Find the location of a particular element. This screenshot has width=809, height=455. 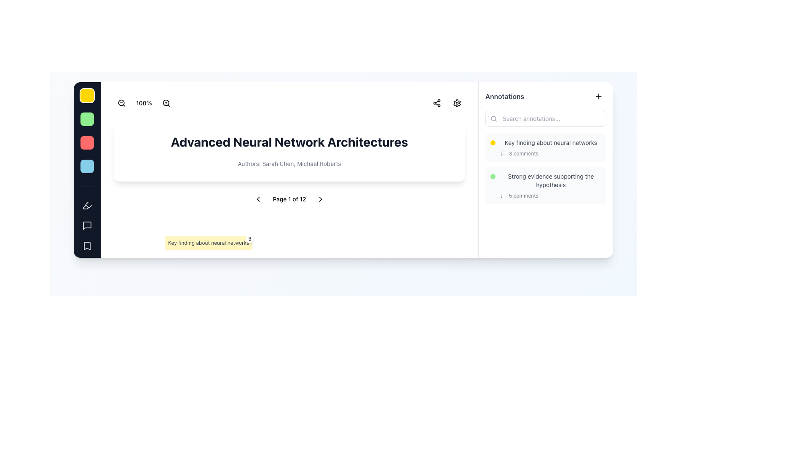

the left-facing chevron-shaped Navigation Icon located to the left of the 'Page 1 of 12' text in the header section is located at coordinates (258, 199).